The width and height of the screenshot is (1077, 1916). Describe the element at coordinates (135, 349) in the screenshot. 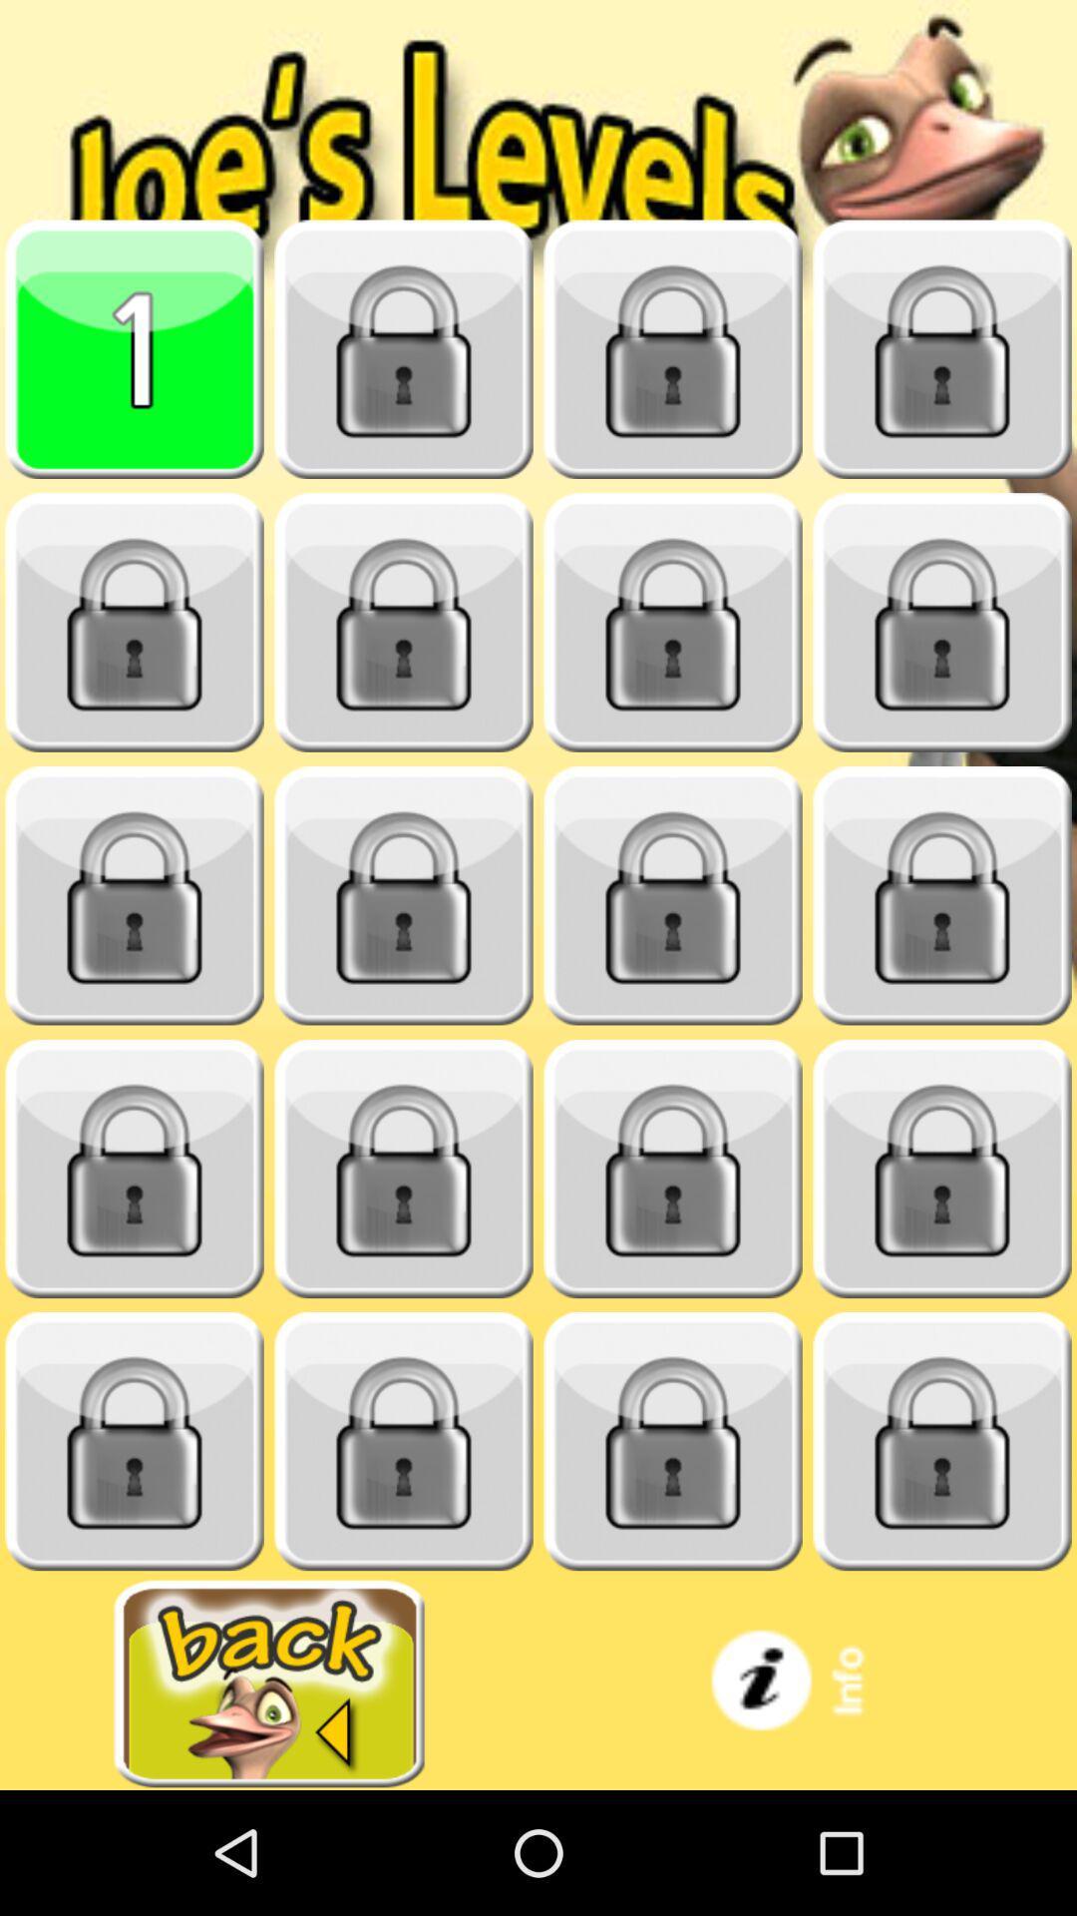

I see `level 1` at that location.